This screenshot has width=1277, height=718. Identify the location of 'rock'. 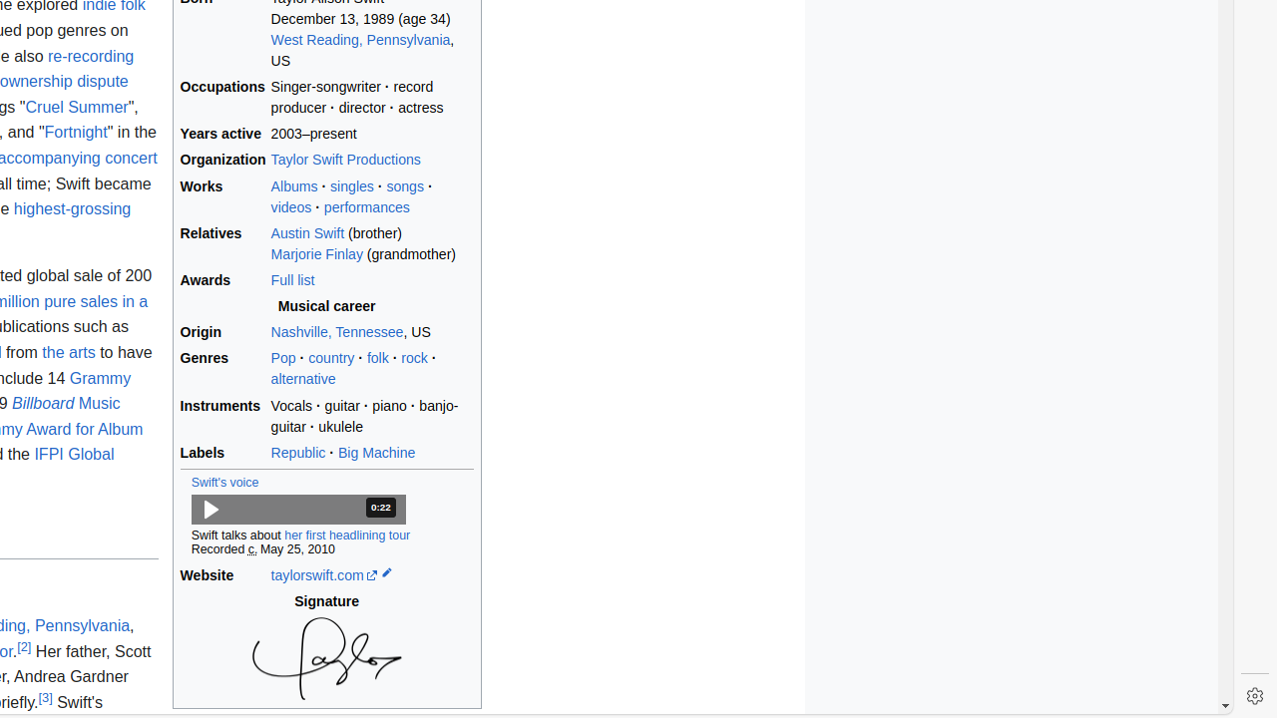
(413, 357).